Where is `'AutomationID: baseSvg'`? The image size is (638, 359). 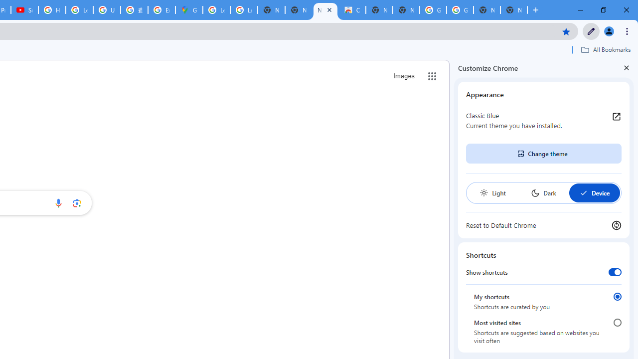 'AutomationID: baseSvg' is located at coordinates (583, 193).